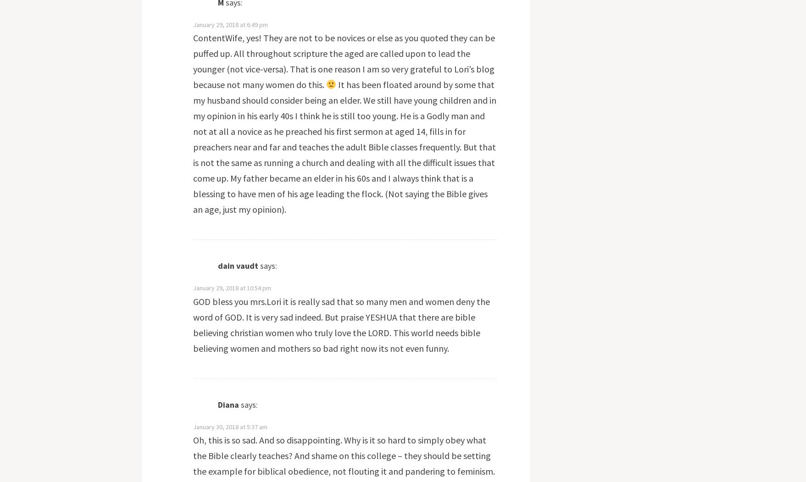  Describe the element at coordinates (340, 324) in the screenshot. I see `'GOD bless you mrs.Lori it is really sad that so many men and women deny the word of GOD. It is very sad indeed. But praise YESHUA that there are bible believing christian women who truly love the LORD.  This world needs bible believing women and mothers so bad right now its not even funny.'` at that location.